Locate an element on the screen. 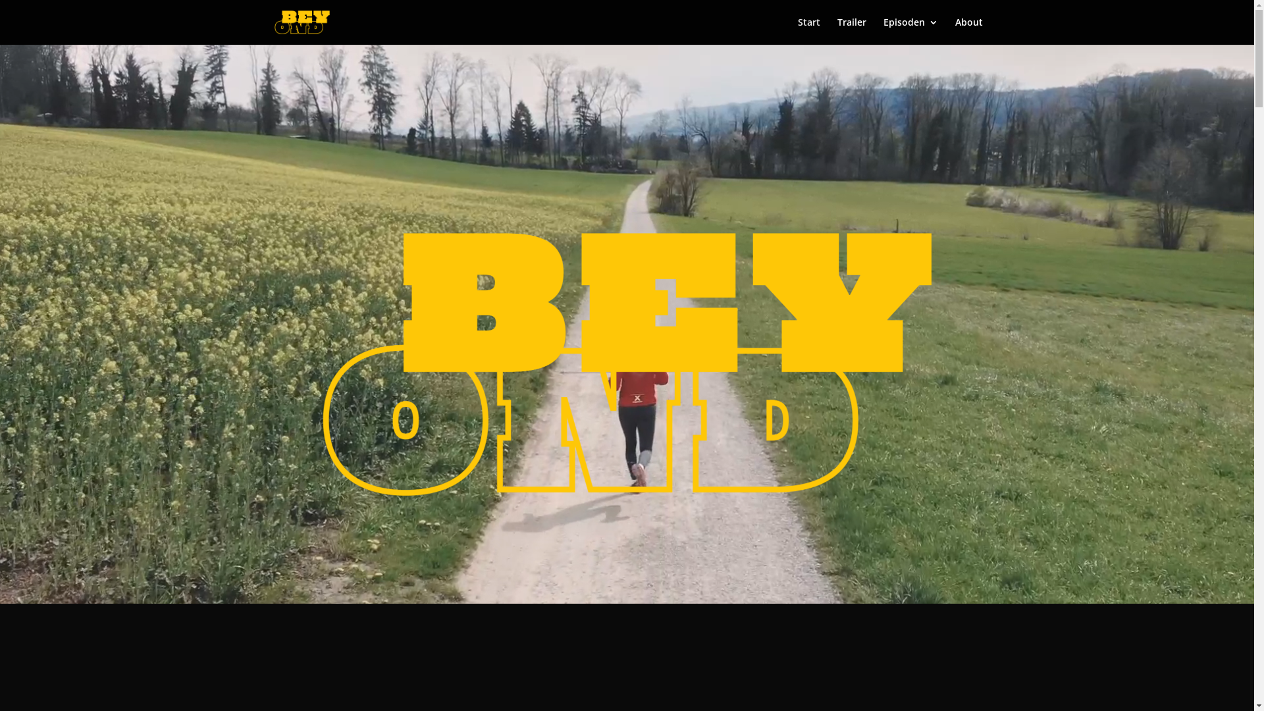  'Start' is located at coordinates (808, 30).